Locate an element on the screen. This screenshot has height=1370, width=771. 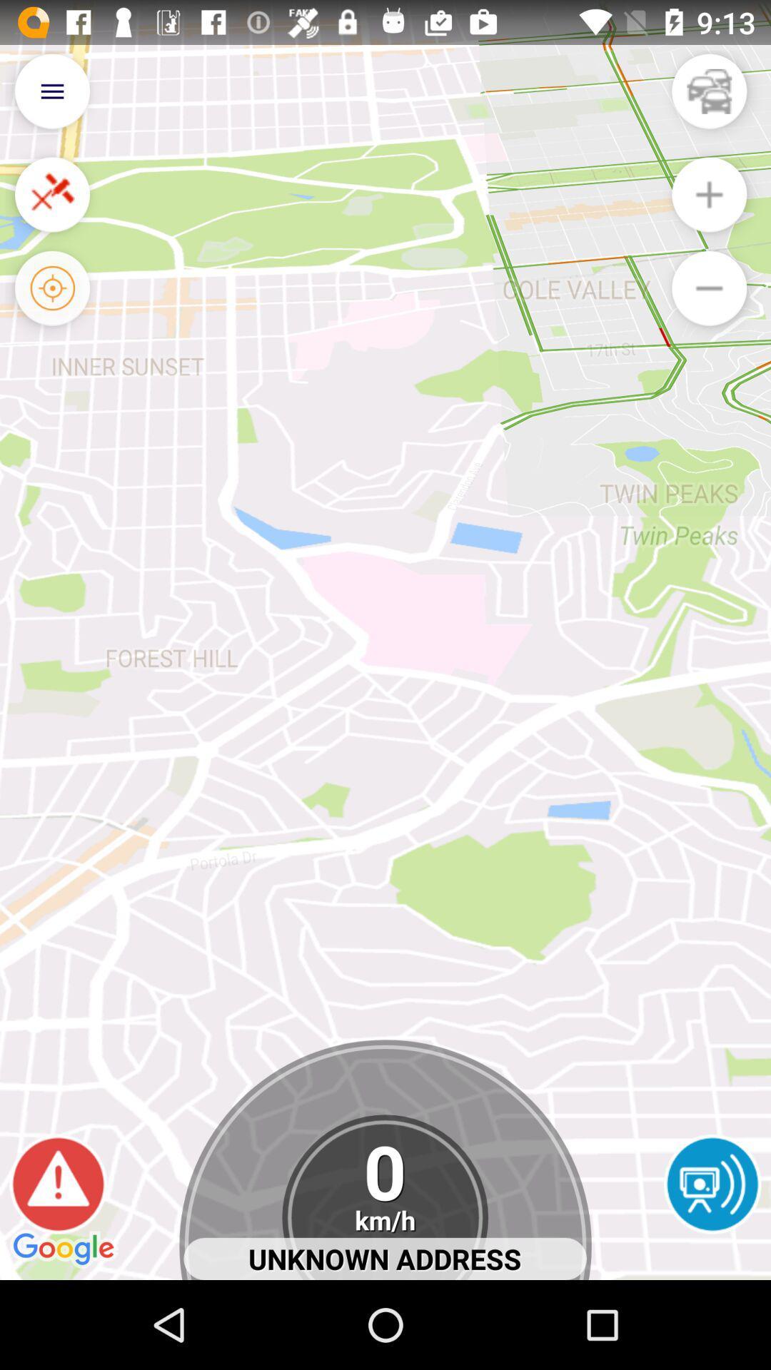
the close icon is located at coordinates (51, 208).